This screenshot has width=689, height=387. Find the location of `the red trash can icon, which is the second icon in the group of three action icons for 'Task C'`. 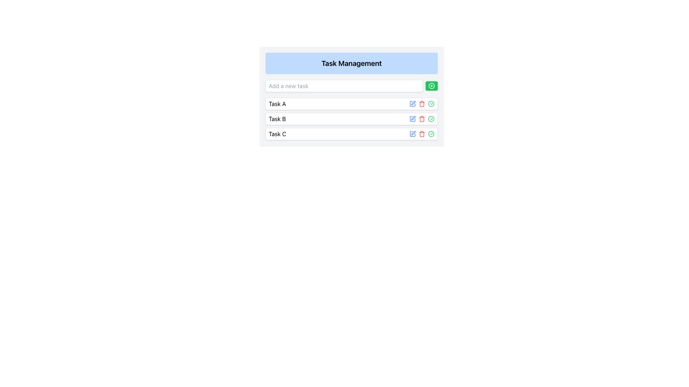

the red trash can icon, which is the second icon in the group of three action icons for 'Task C' is located at coordinates (422, 134).